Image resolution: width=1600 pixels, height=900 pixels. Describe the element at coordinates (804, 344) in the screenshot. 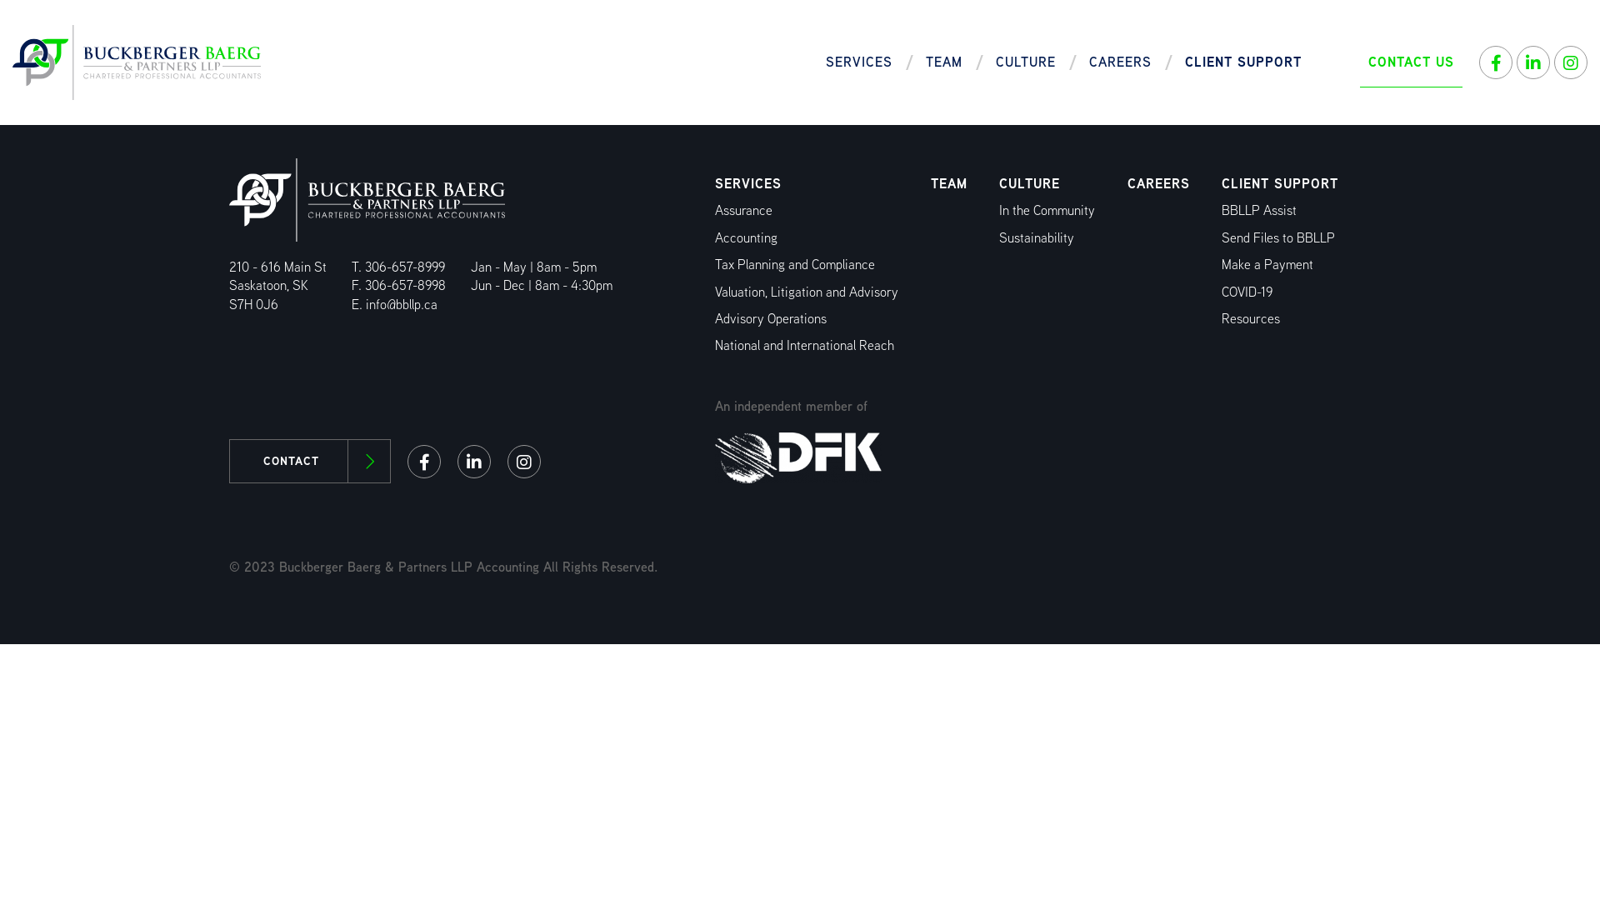

I see `'National and International Reach'` at that location.